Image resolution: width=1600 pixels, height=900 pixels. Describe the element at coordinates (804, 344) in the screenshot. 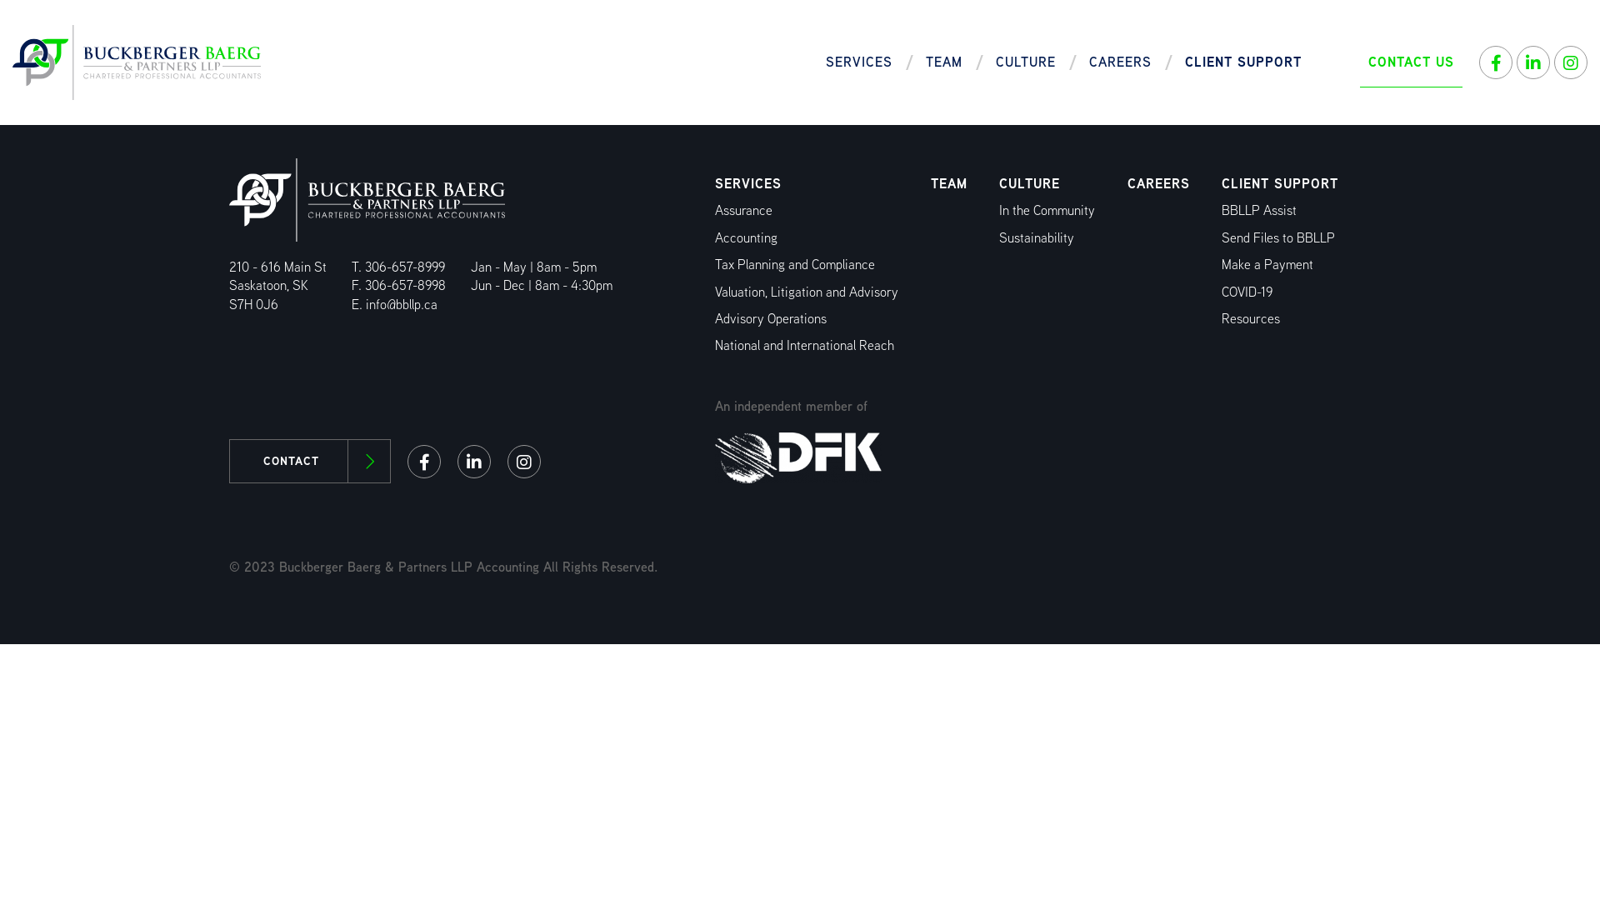

I see `'National and International Reach'` at that location.